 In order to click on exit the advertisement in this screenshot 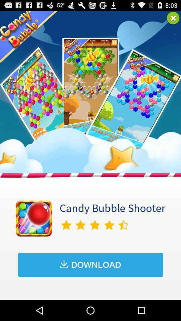, I will do `click(173, 18)`.